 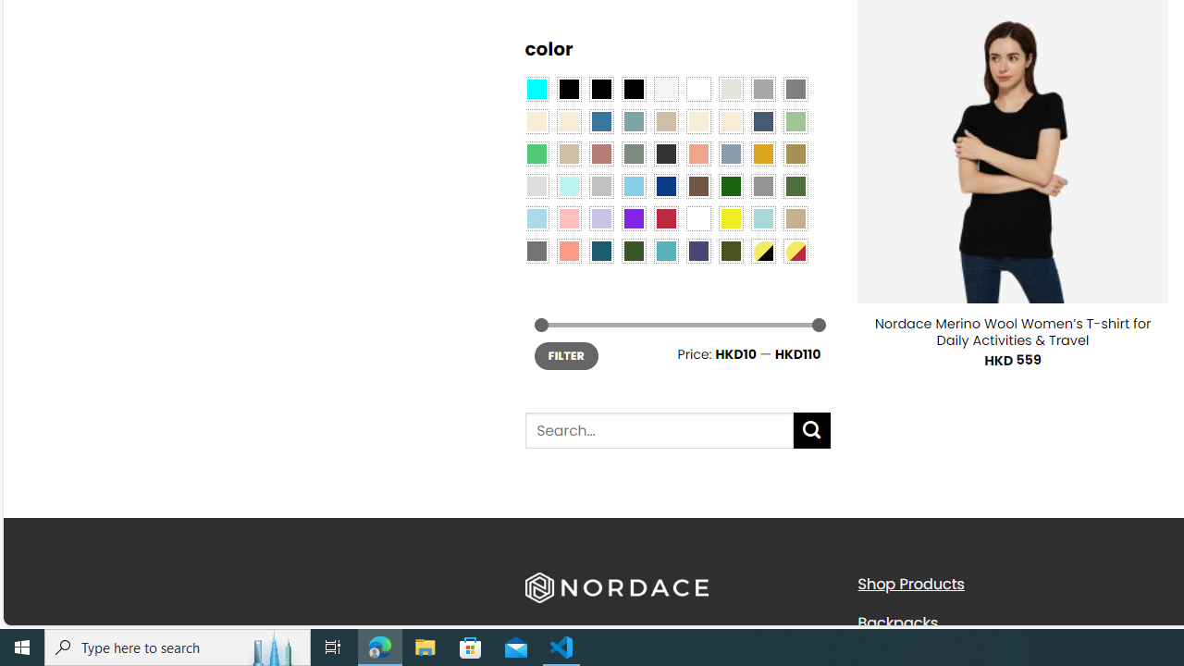 What do you see at coordinates (697, 185) in the screenshot?
I see `'Brown'` at bounding box center [697, 185].